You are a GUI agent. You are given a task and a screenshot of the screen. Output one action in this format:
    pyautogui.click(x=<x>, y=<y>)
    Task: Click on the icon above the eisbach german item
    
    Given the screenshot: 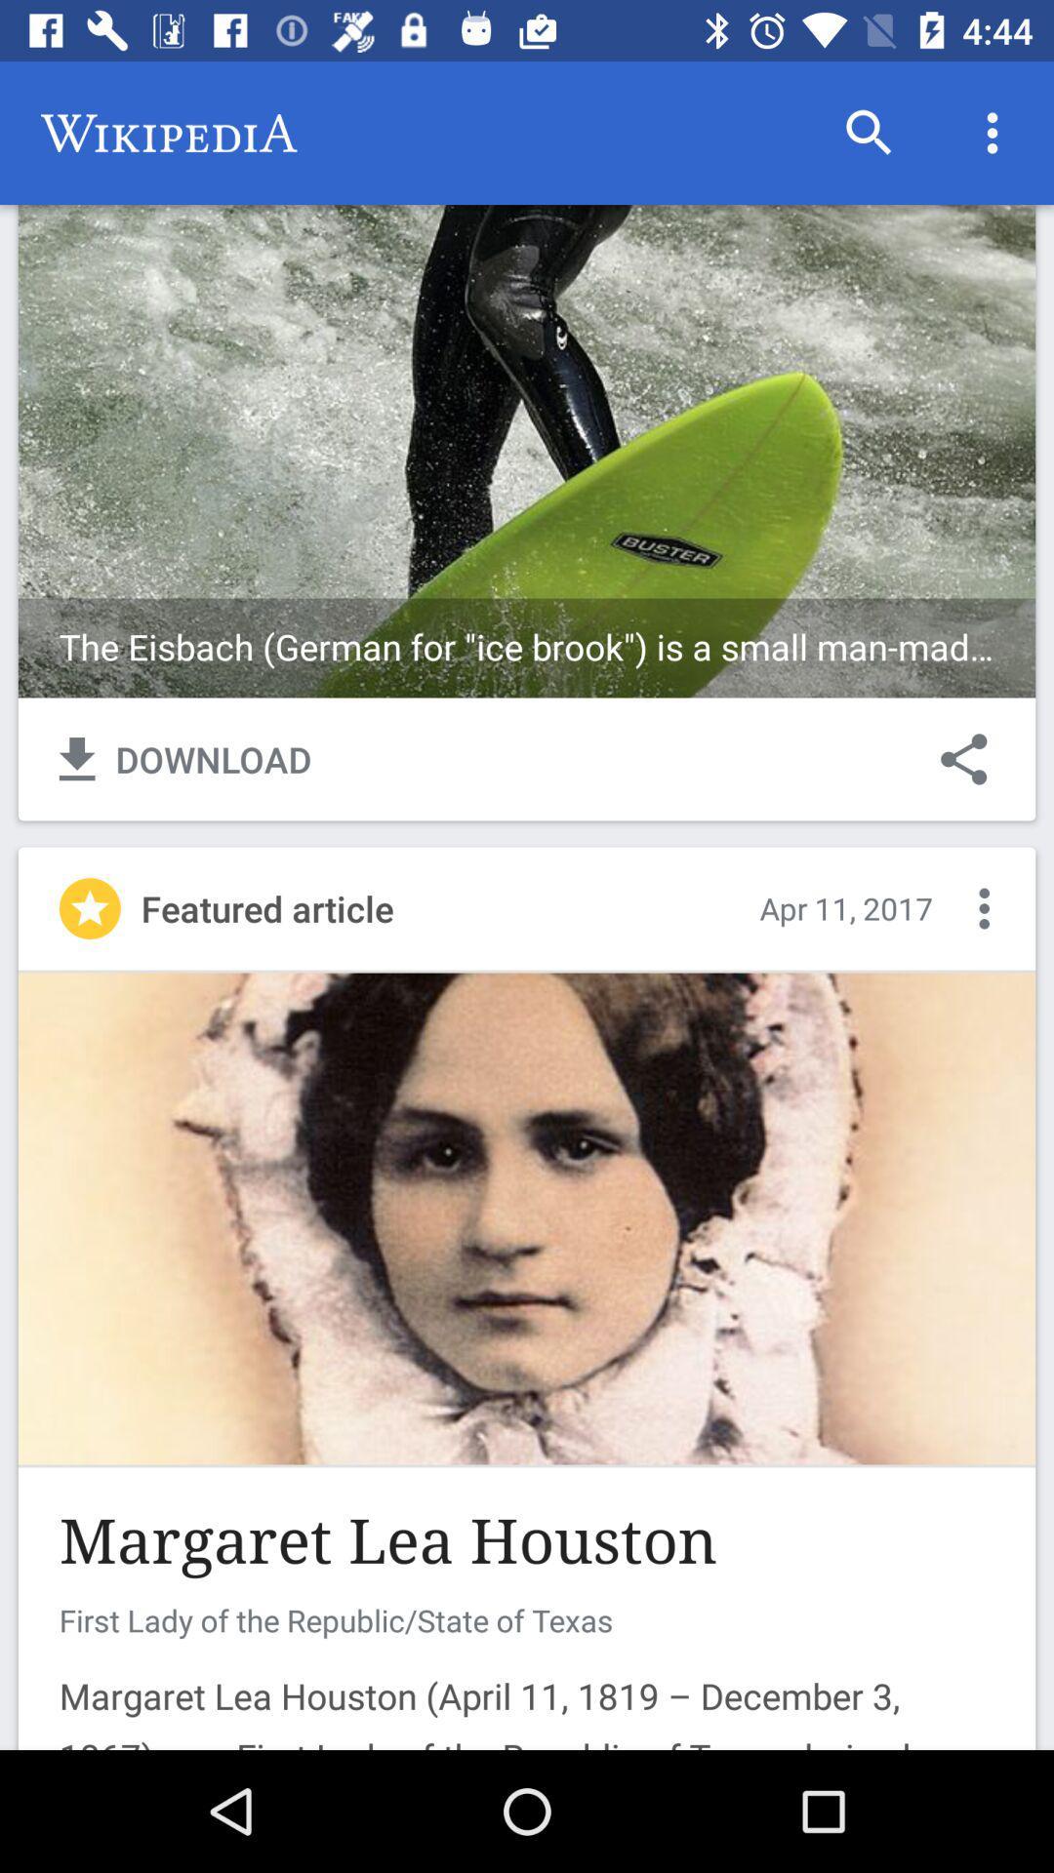 What is the action you would take?
    pyautogui.click(x=869, y=132)
    